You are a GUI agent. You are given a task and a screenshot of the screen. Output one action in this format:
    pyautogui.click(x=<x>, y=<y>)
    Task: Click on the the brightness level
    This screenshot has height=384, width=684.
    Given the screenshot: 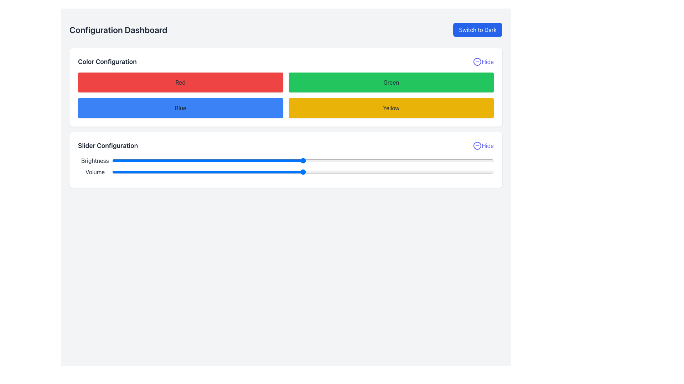 What is the action you would take?
    pyautogui.click(x=207, y=160)
    